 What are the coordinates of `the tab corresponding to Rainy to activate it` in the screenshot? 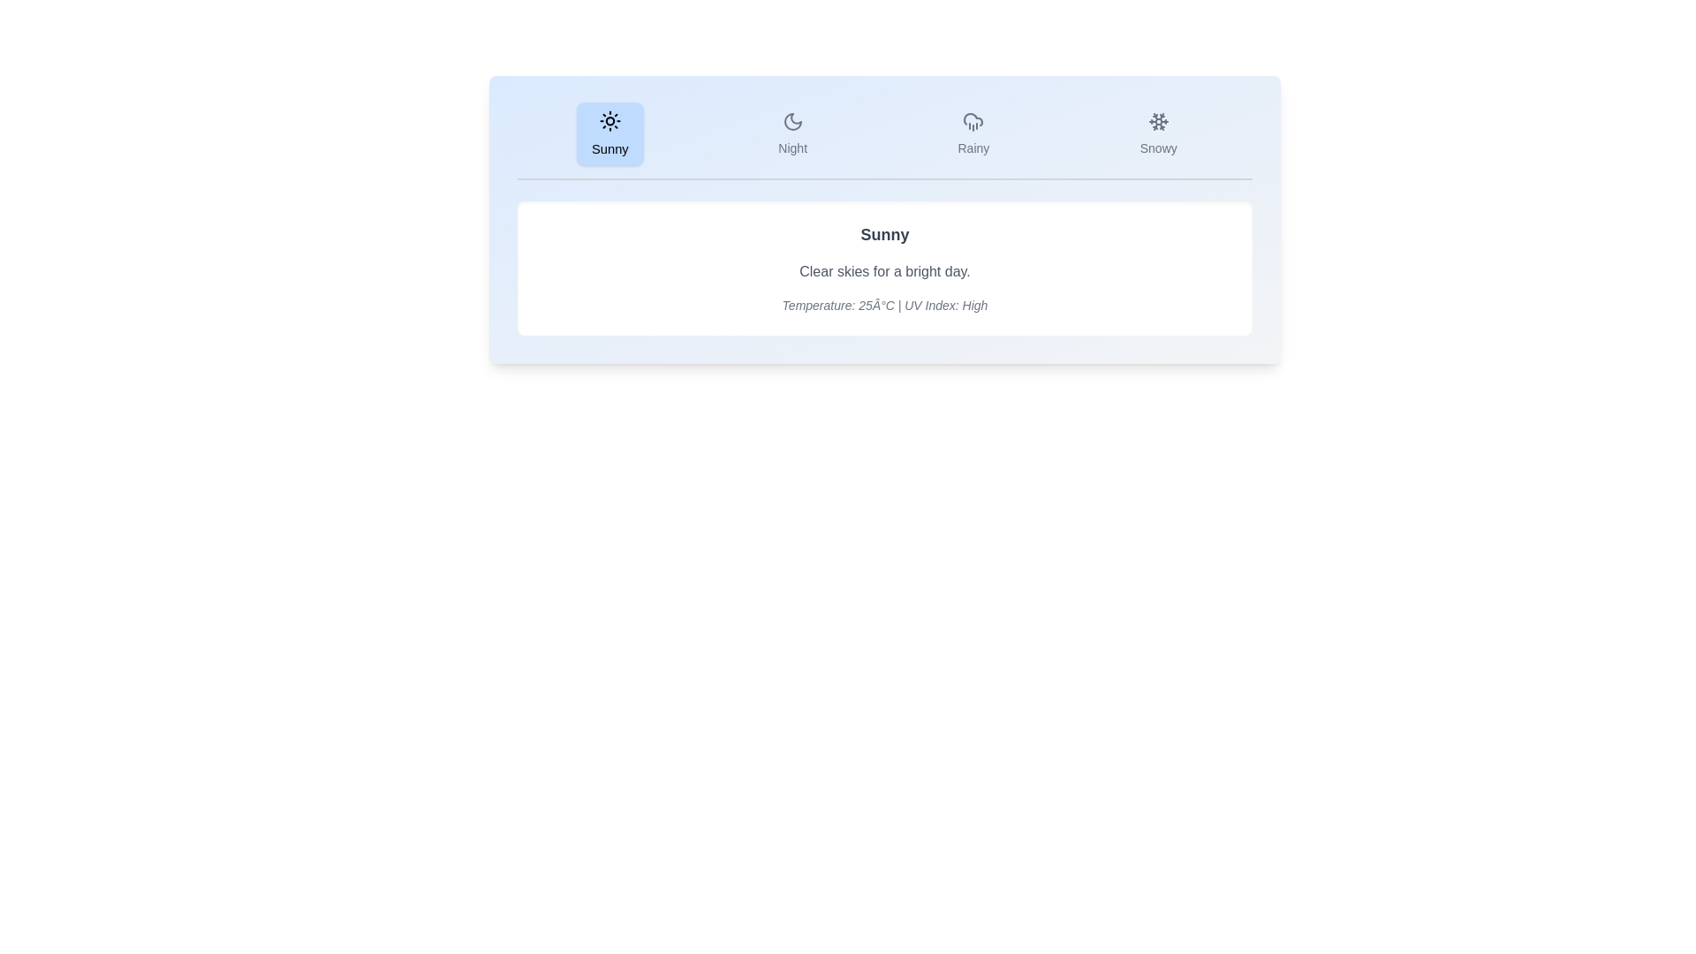 It's located at (973, 132).